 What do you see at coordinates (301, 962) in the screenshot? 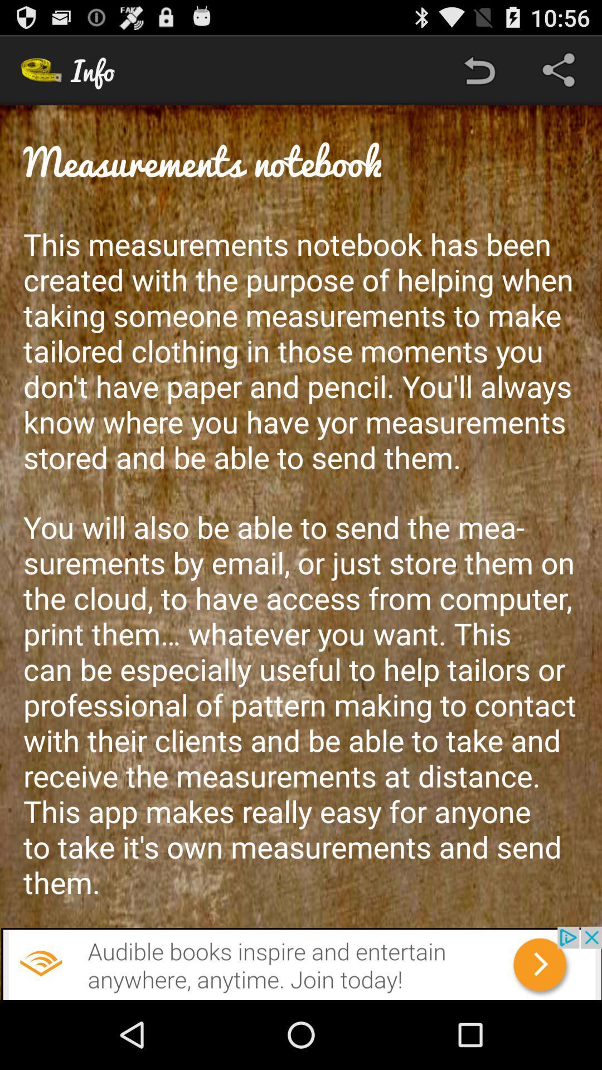
I see `open advertisement` at bounding box center [301, 962].